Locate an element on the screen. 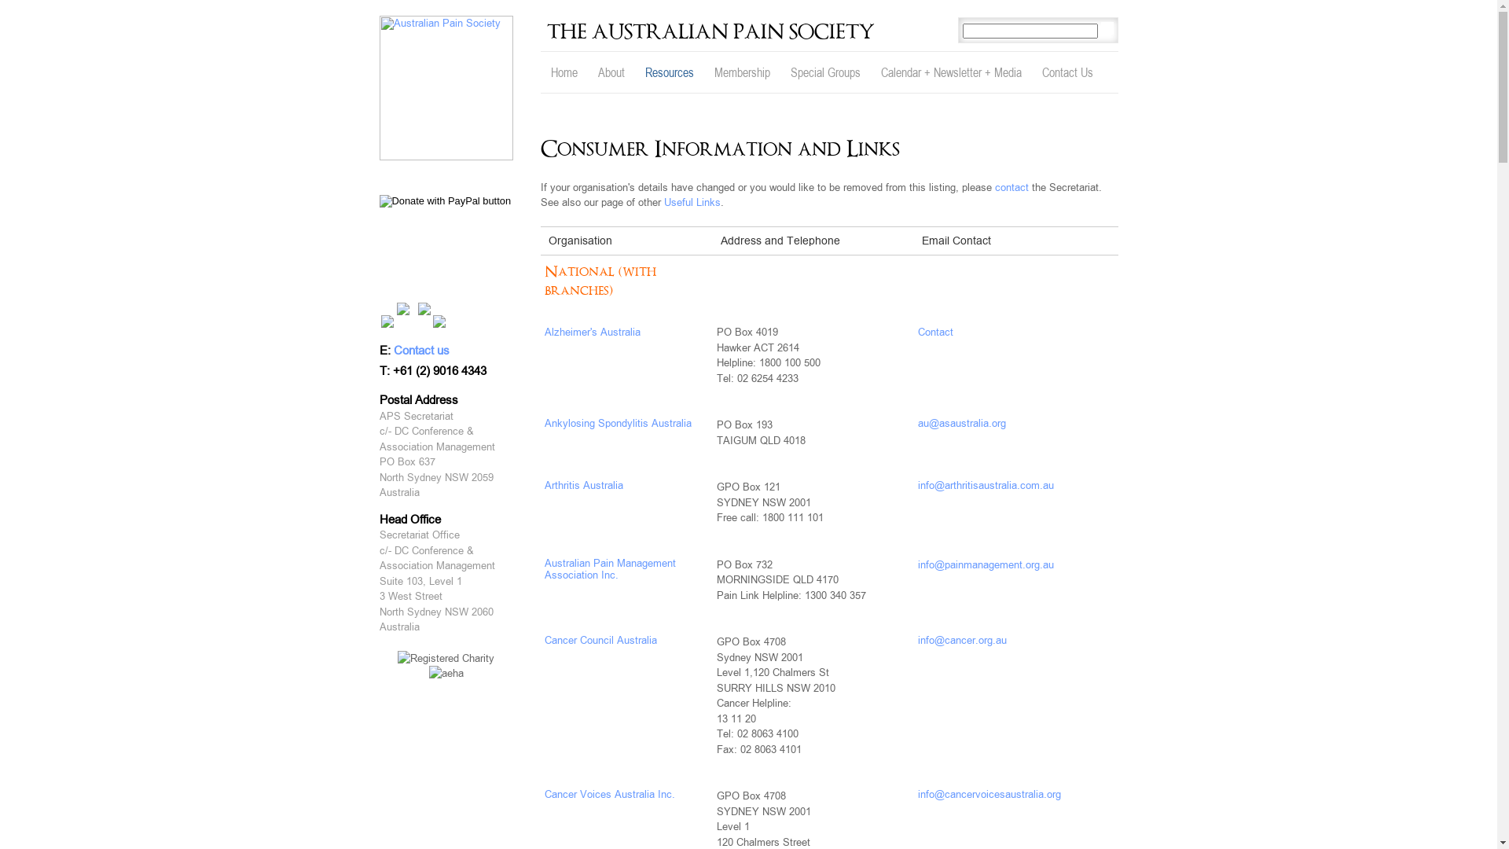 The width and height of the screenshot is (1509, 849). 'info@cancer.org.au' is located at coordinates (961, 640).